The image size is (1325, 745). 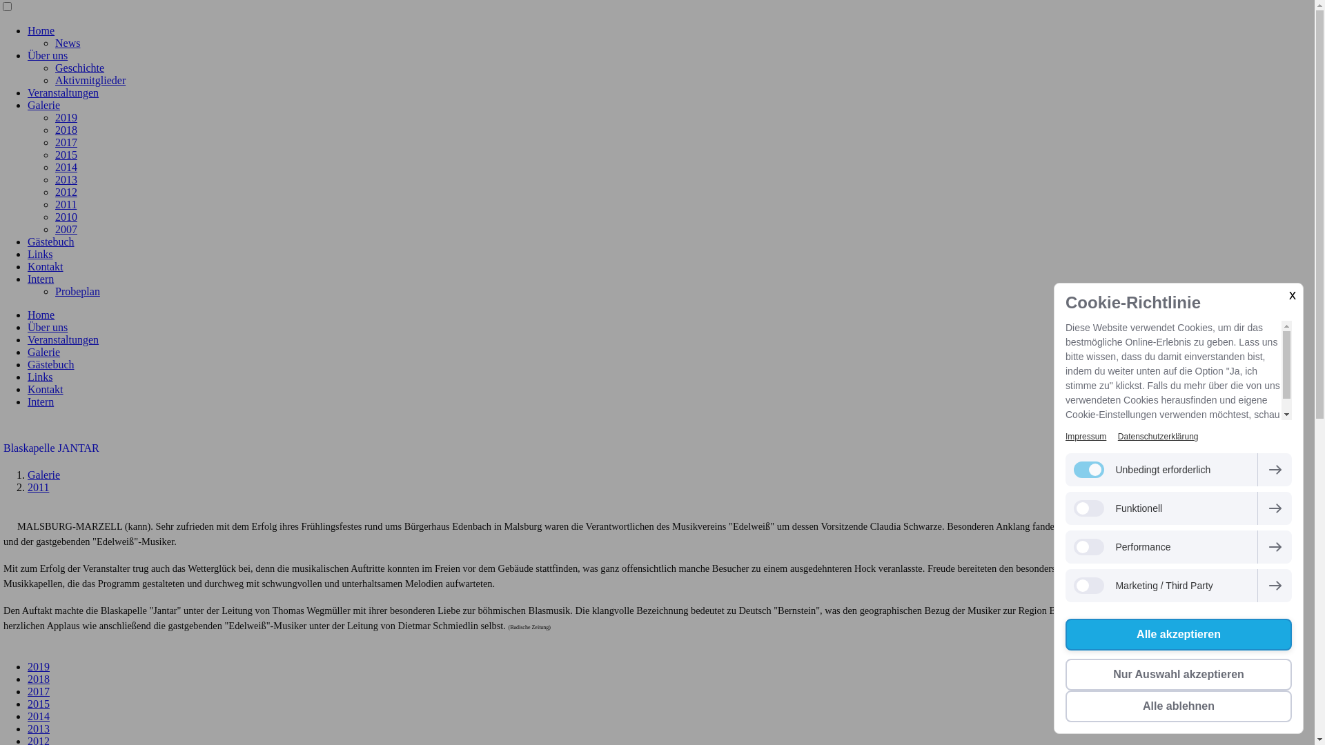 What do you see at coordinates (39, 715) in the screenshot?
I see `'2014'` at bounding box center [39, 715].